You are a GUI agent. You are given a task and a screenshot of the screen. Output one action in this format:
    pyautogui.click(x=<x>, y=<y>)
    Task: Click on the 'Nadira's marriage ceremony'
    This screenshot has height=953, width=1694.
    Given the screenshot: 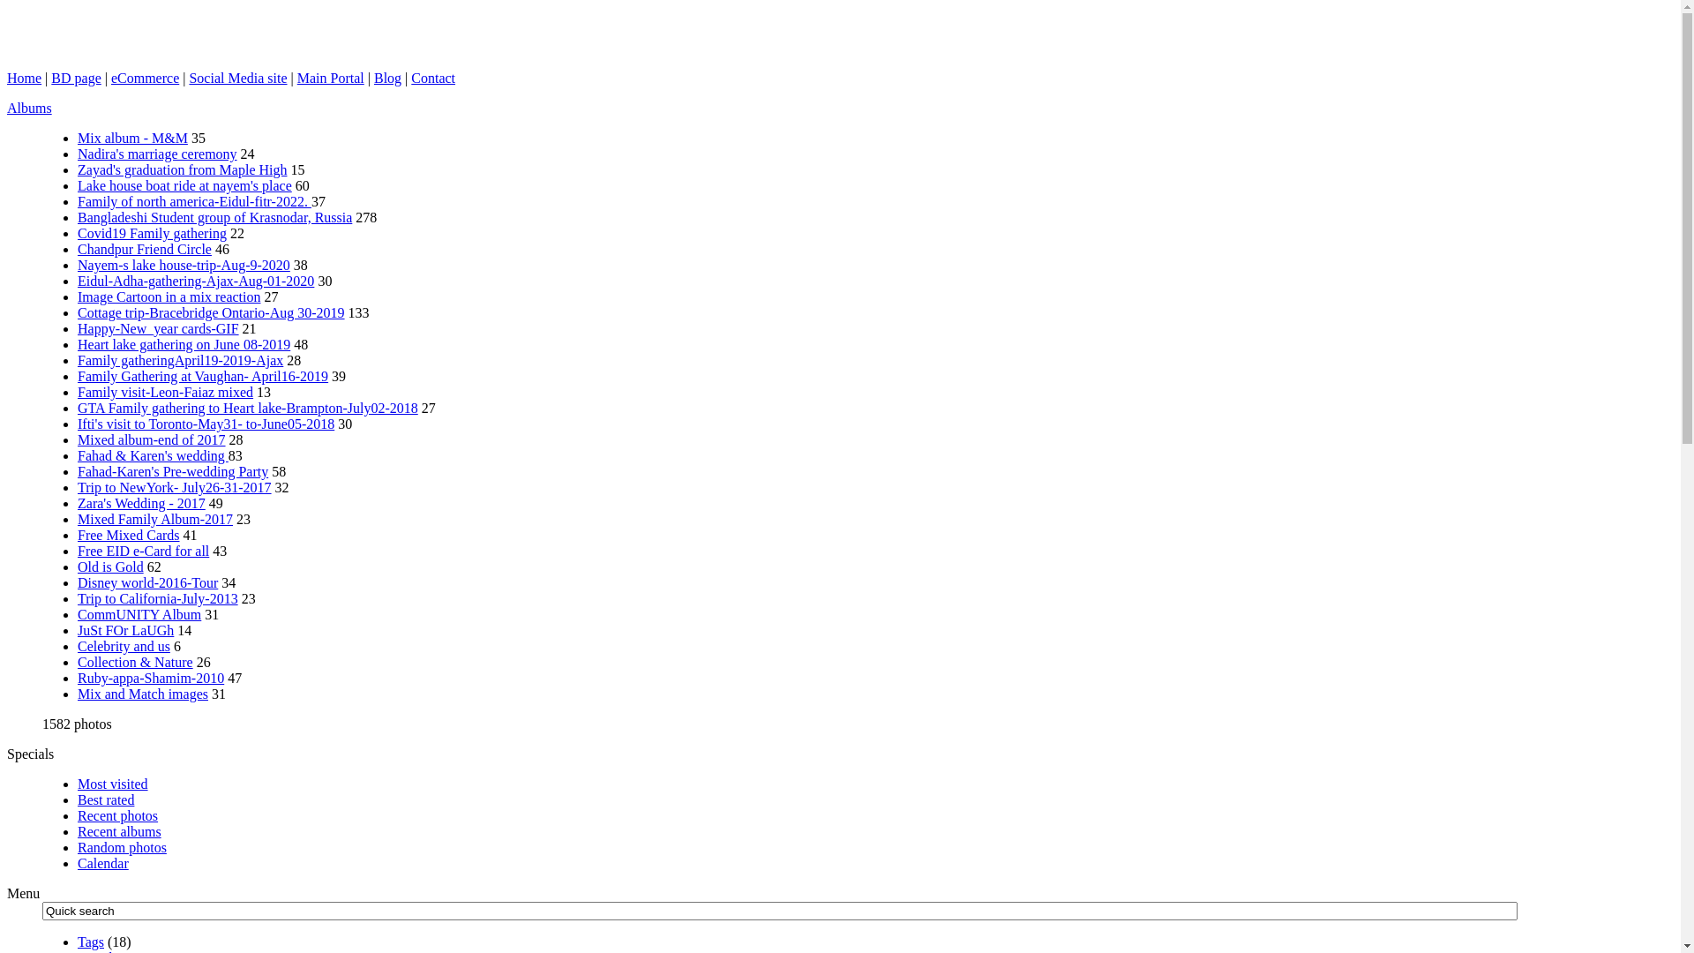 What is the action you would take?
    pyautogui.click(x=157, y=153)
    